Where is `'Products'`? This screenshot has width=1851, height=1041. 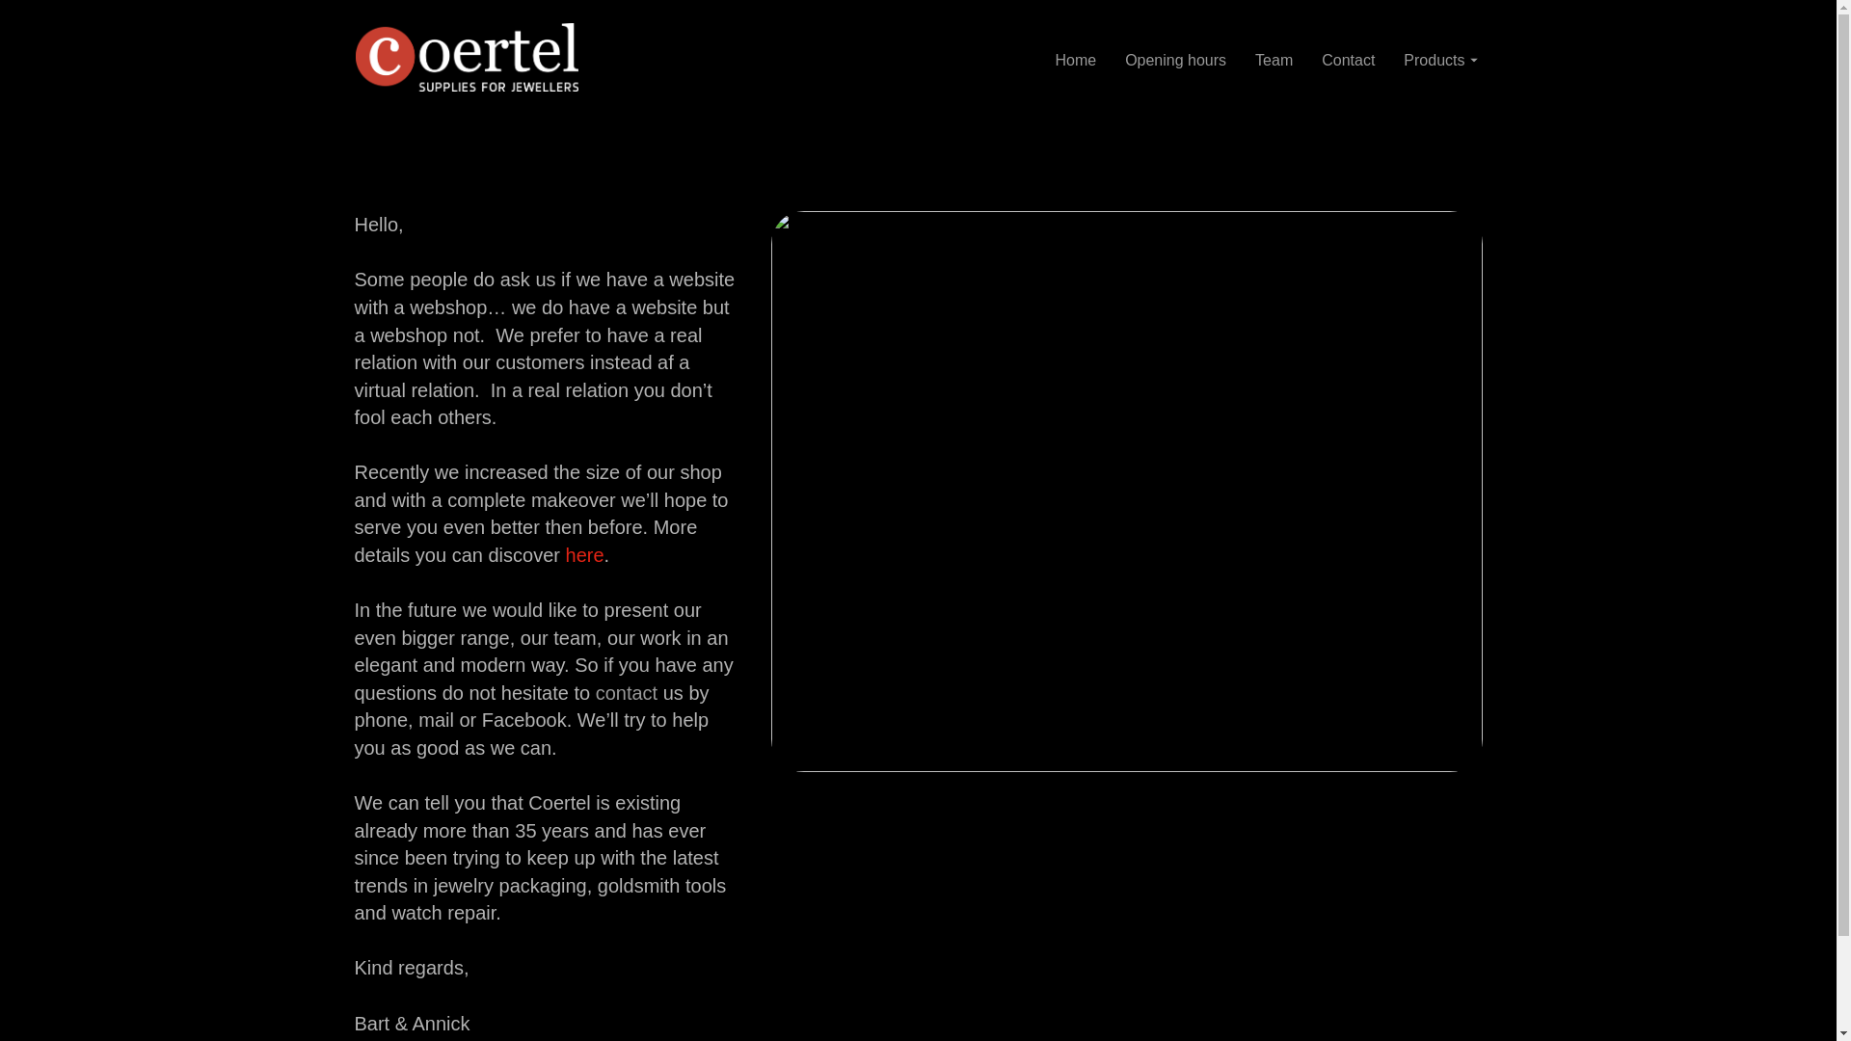
'Products' is located at coordinates (1439, 59).